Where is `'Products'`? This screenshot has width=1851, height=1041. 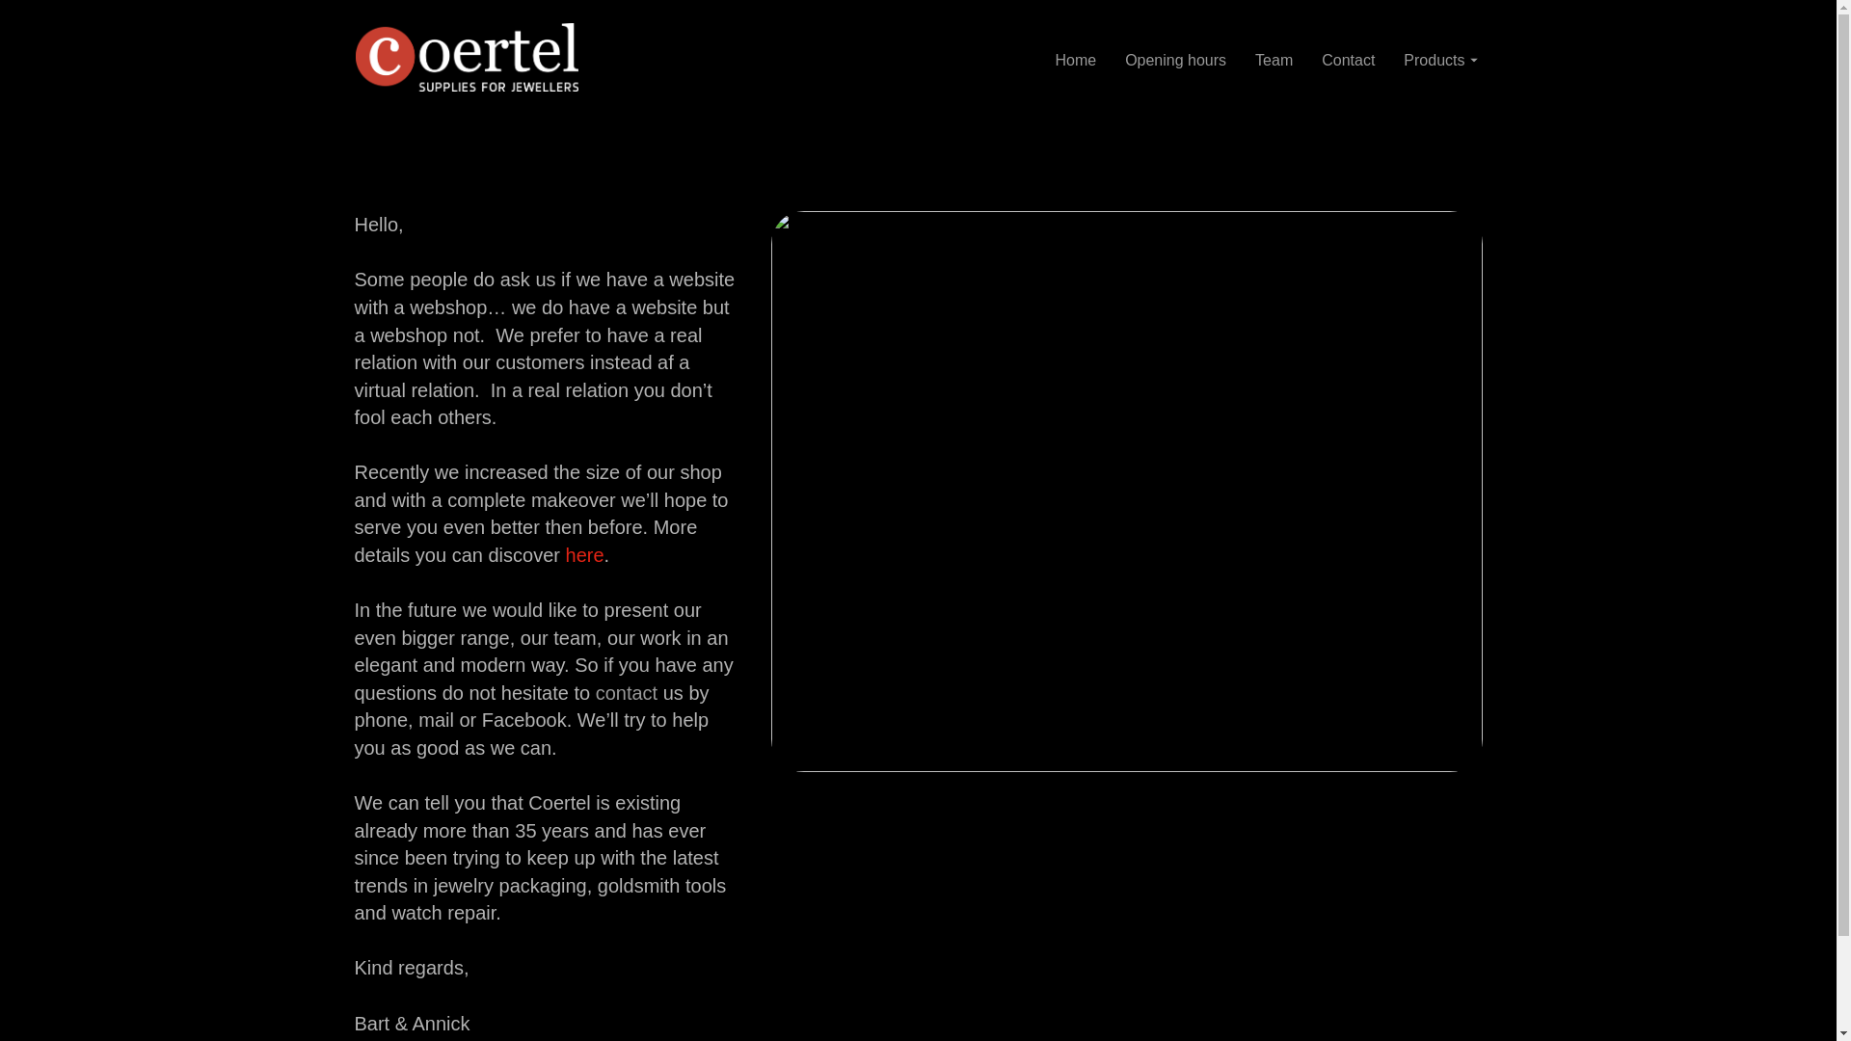
'Products' is located at coordinates (1439, 59).